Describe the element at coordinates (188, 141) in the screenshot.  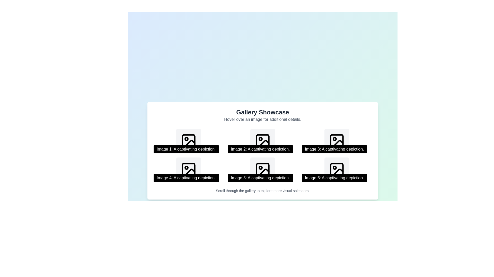
I see `the image icon from the first card in the top row of the grid, which has a gray background and rounded corners` at that location.